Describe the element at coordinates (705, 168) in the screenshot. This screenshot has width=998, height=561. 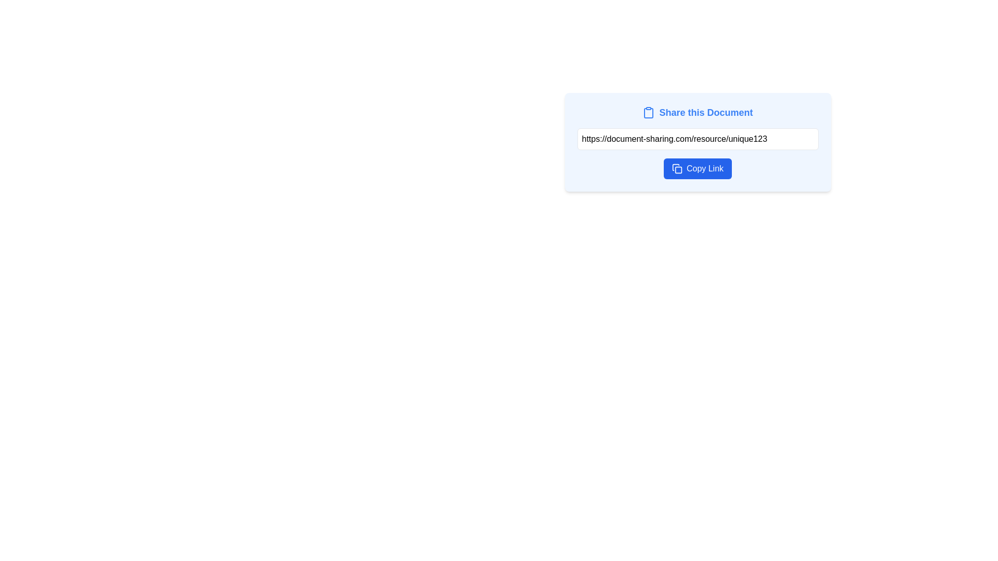
I see `the 'Copy Link' label, which is styled in white font on a bold blue background and is part of a rounded button in the document sharing interface` at that location.